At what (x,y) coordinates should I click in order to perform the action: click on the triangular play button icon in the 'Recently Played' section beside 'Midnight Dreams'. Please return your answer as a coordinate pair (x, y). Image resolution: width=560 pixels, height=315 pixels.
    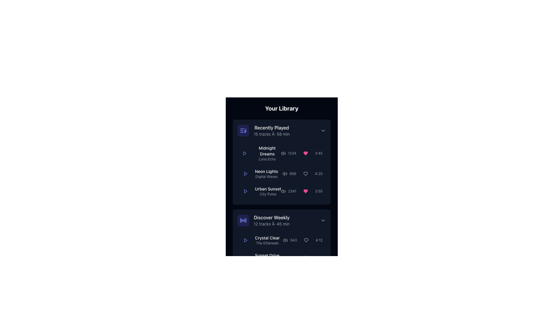
    Looking at the image, I should click on (245, 153).